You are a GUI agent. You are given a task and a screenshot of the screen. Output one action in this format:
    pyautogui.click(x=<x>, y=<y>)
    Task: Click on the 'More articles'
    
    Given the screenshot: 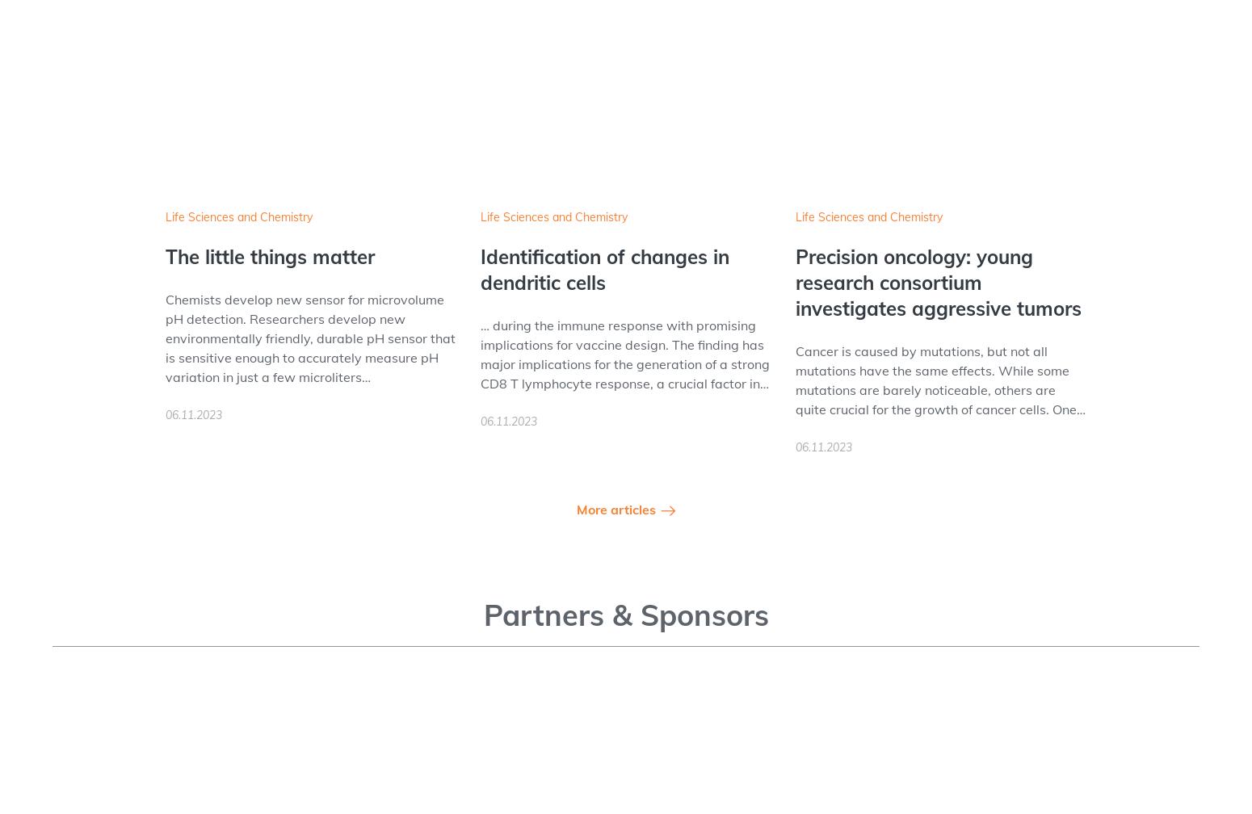 What is the action you would take?
    pyautogui.click(x=616, y=510)
    